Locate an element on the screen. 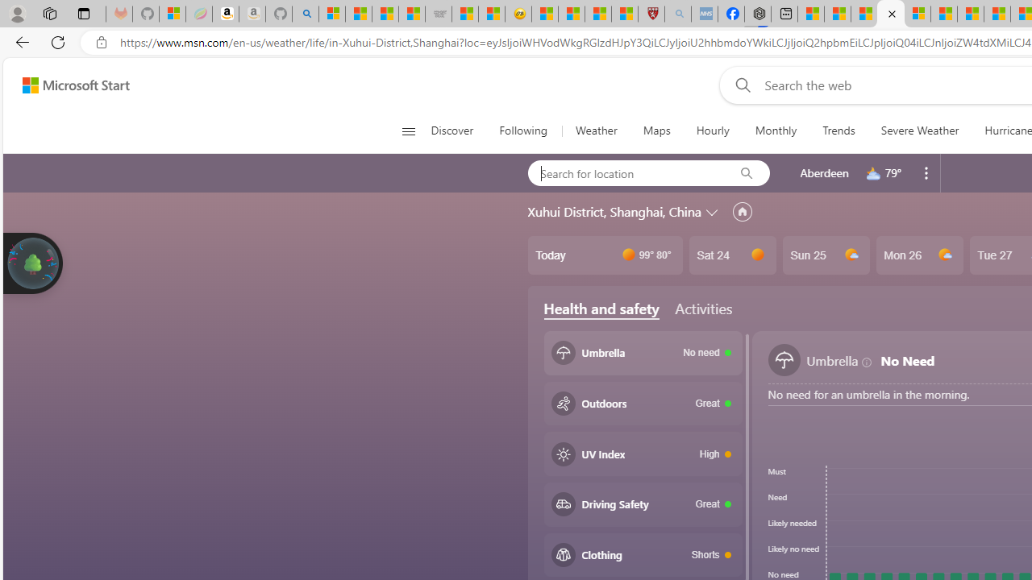  'Sun 25' is located at coordinates (826, 255).